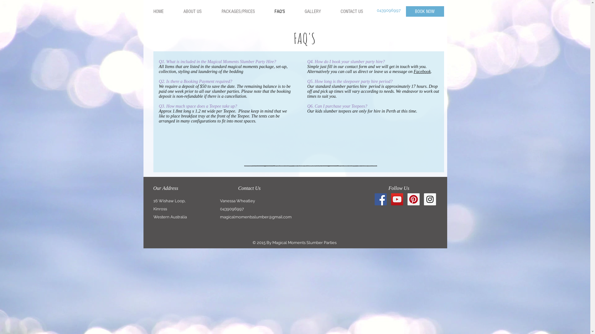  Describe the element at coordinates (406, 11) in the screenshot. I see `'BOOK NOW'` at that location.